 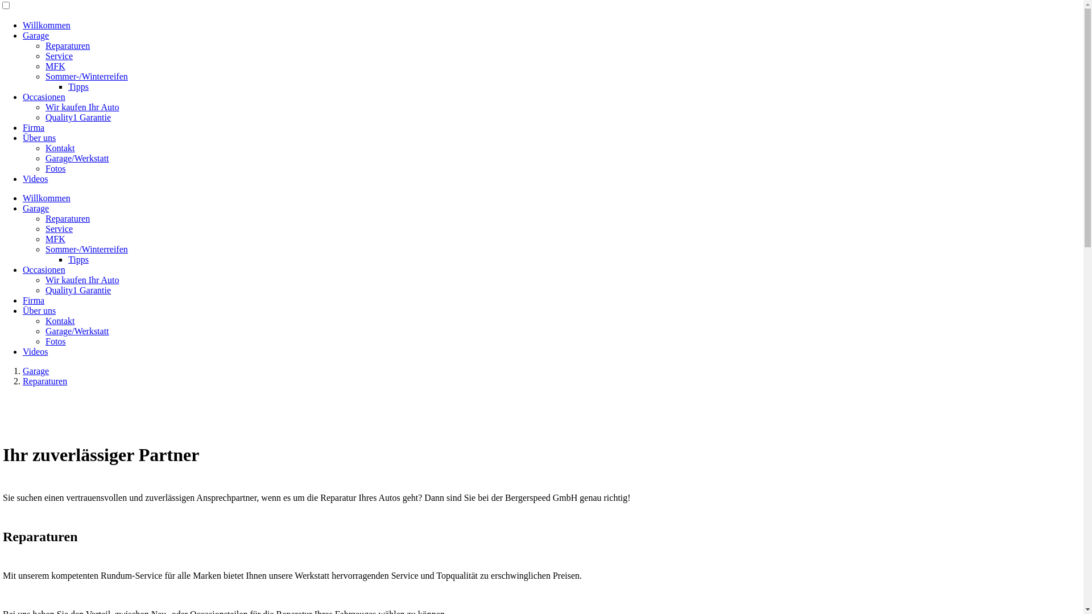 I want to click on 'MFK', so click(x=55, y=238).